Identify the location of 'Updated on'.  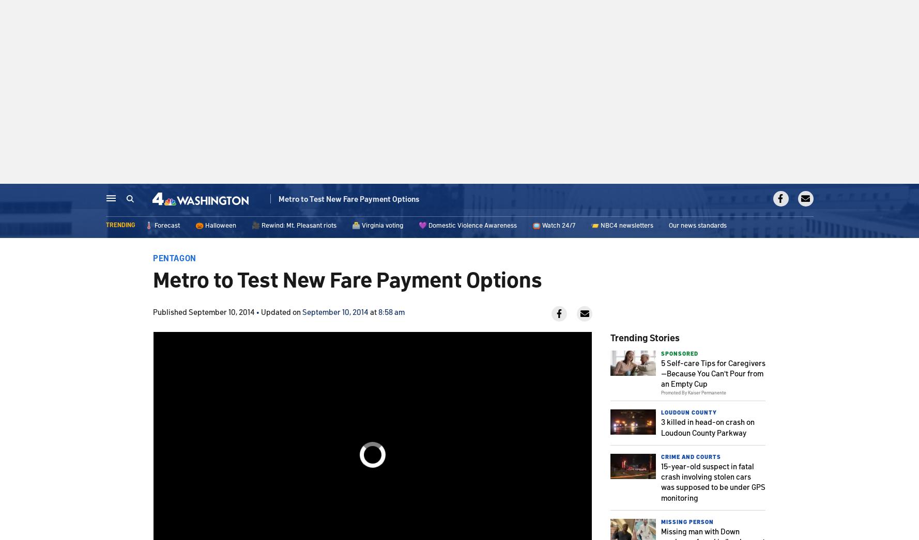
(281, 311).